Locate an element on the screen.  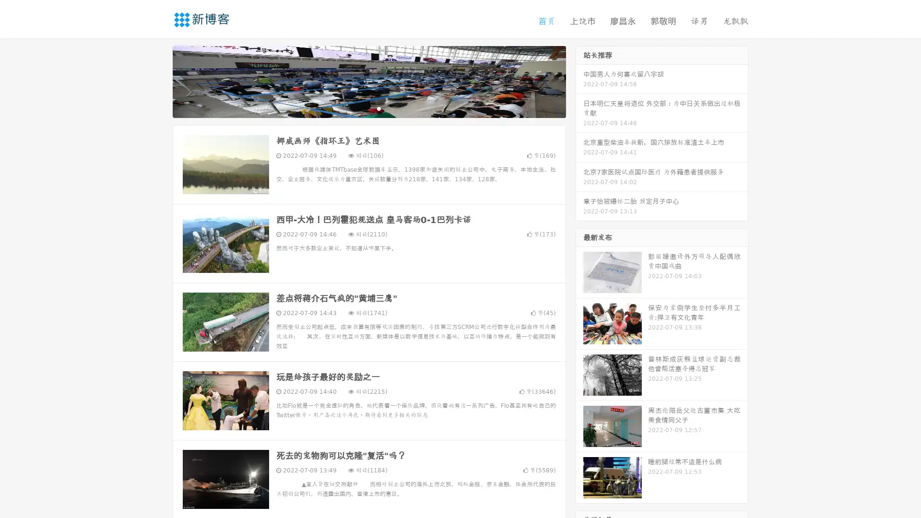
Go to slide 3 is located at coordinates (378, 108).